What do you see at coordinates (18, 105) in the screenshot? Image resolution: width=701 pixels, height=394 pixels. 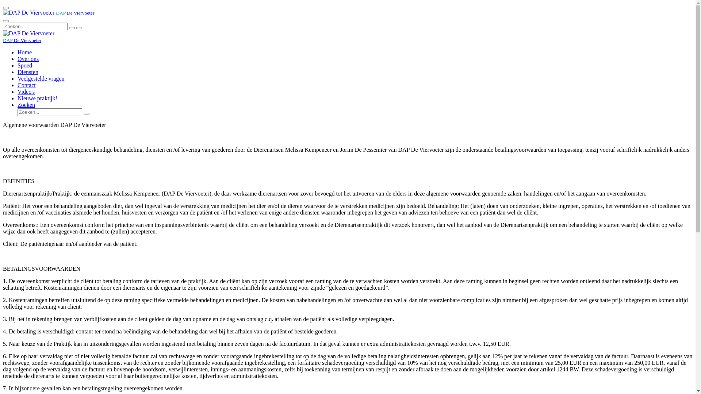 I see `'Zoeken'` at bounding box center [18, 105].